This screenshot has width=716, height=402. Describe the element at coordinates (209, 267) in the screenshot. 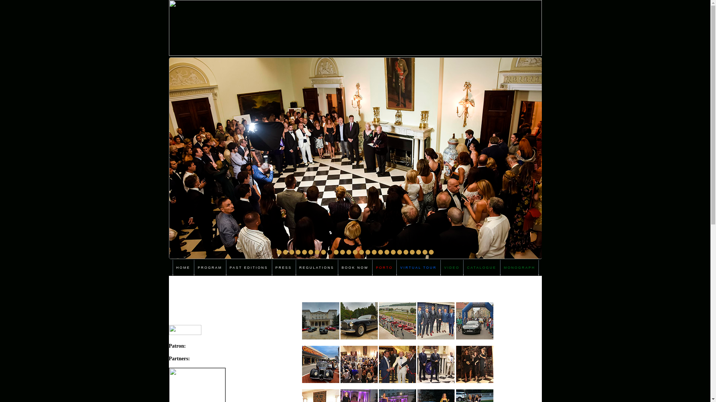

I see `'PROGRAM'` at that location.